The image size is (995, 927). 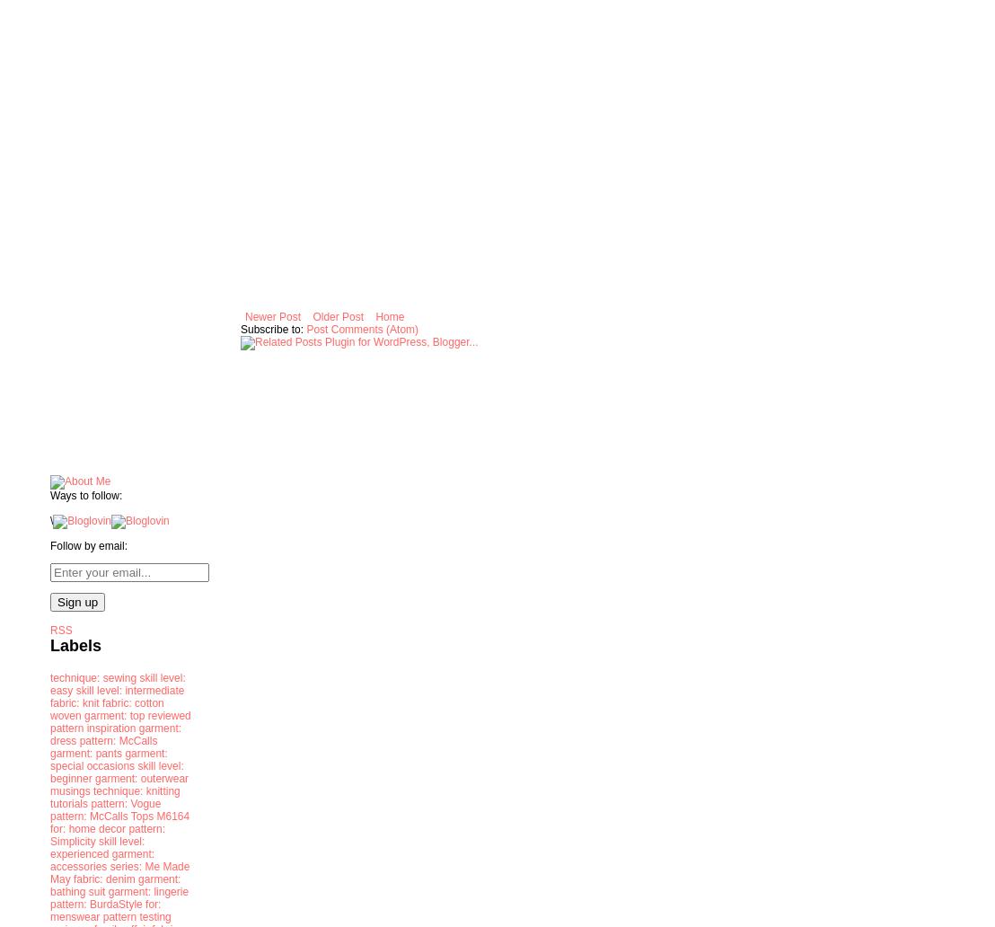 What do you see at coordinates (141, 777) in the screenshot?
I see `'garment: outerwear'` at bounding box center [141, 777].